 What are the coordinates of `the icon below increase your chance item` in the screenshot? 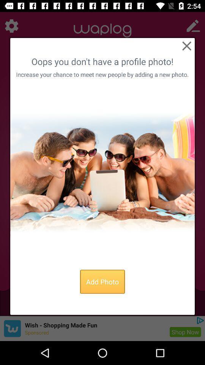 It's located at (102, 172).